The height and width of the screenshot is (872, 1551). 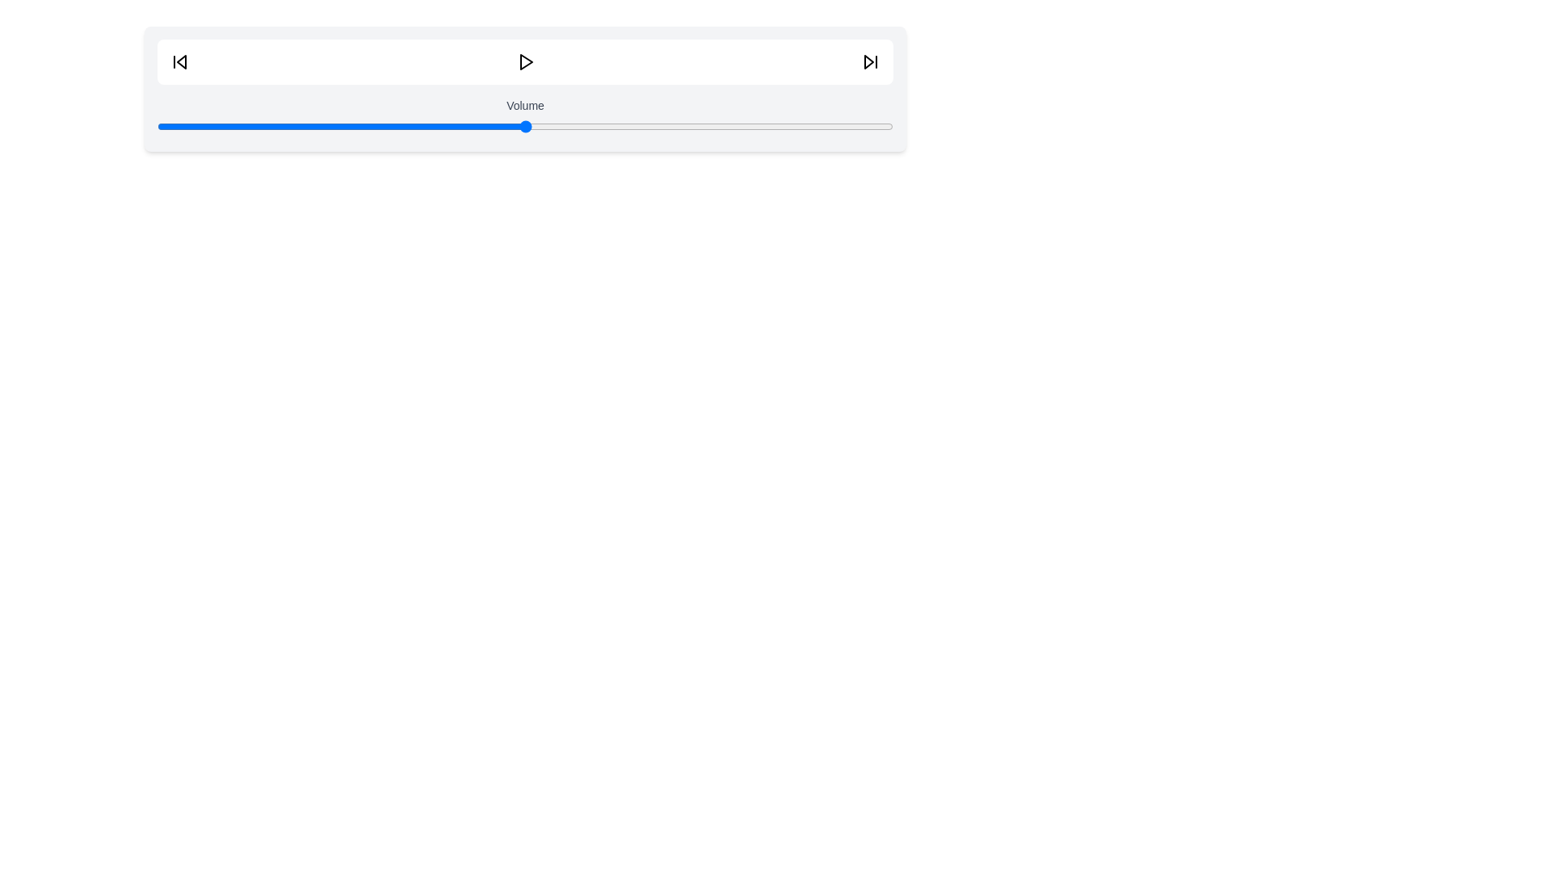 I want to click on the play button, which is centrally located between the skip-backward and skip-forward buttons, to change its background color, so click(x=525, y=61).